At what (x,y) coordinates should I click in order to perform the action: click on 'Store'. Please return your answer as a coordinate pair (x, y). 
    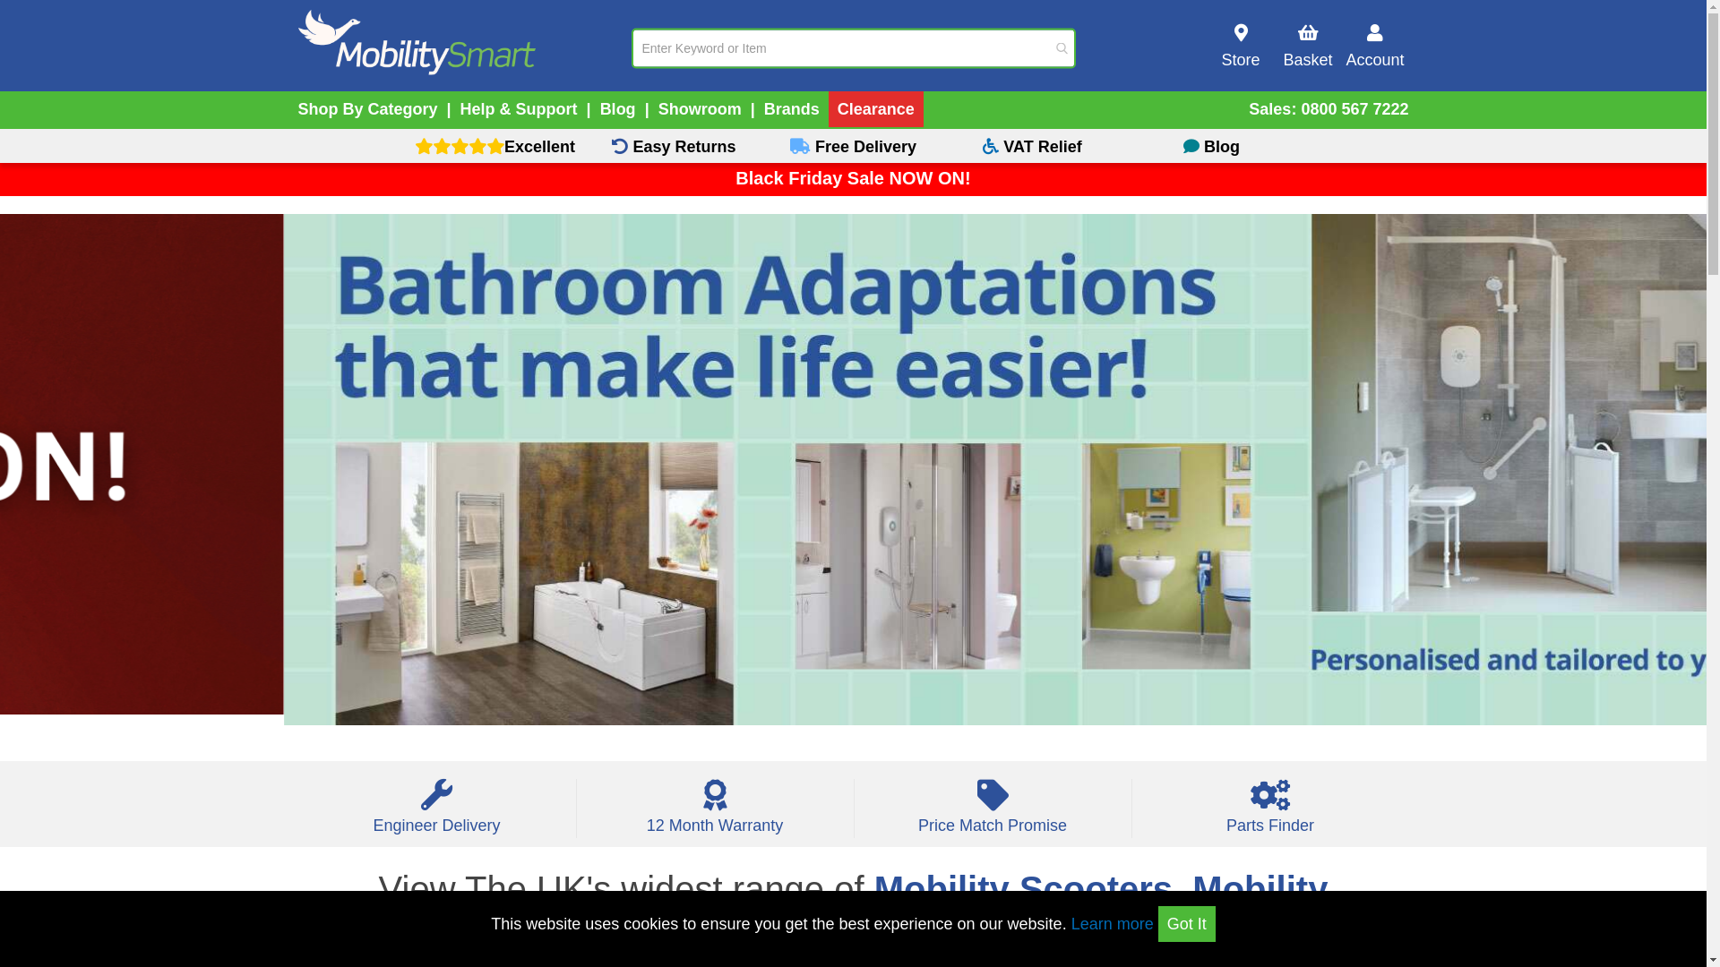
    Looking at the image, I should click on (1240, 45).